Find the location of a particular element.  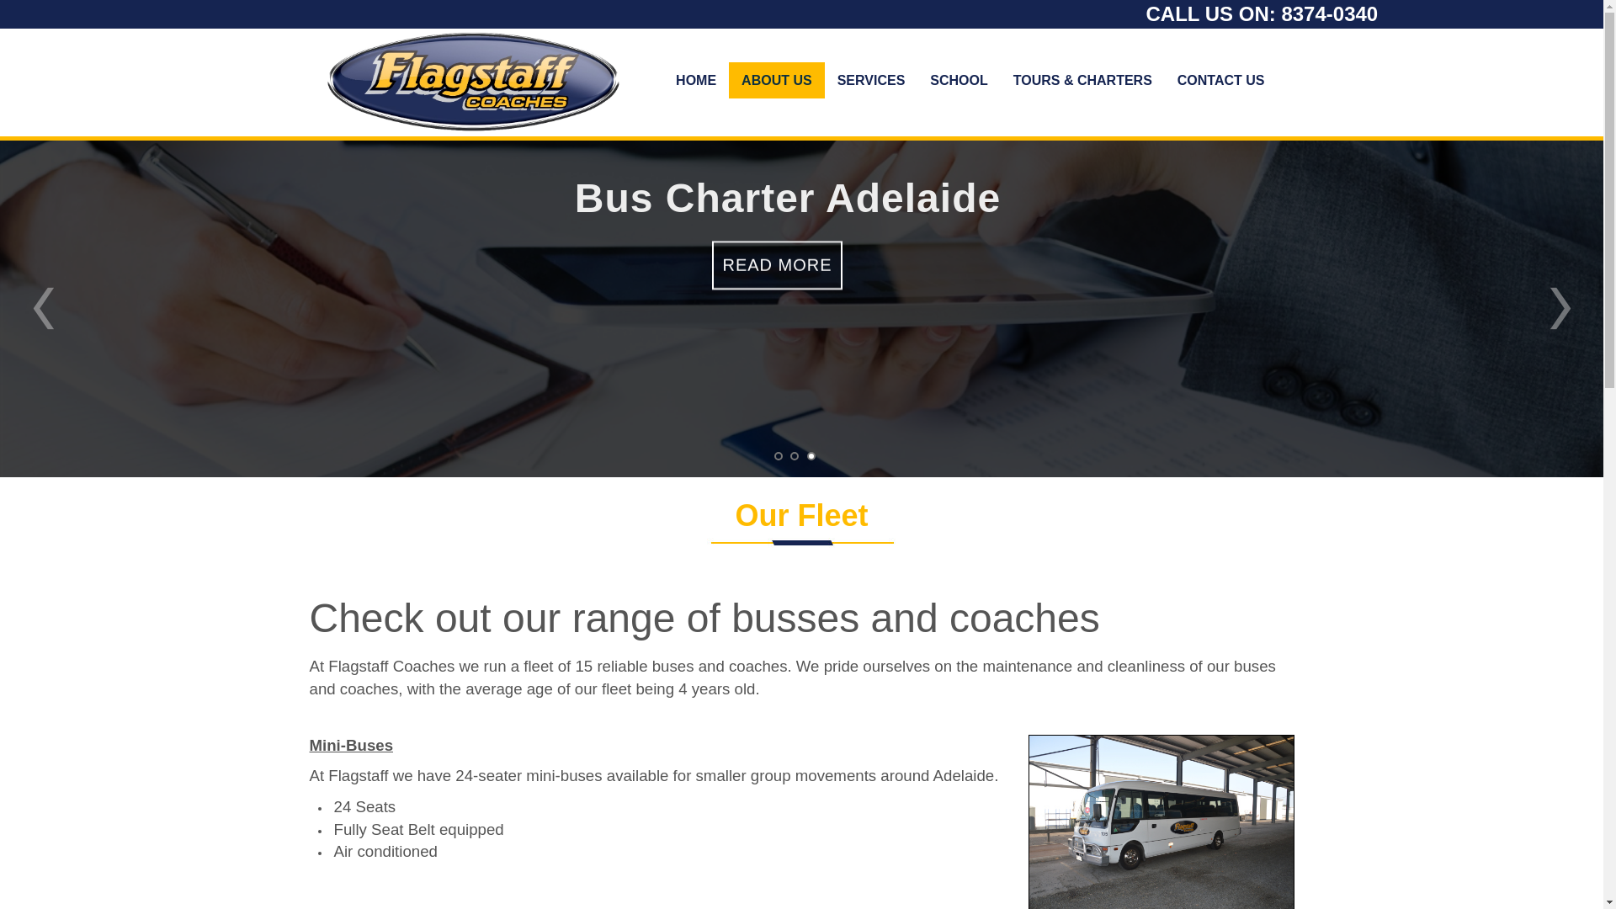

'READ MORE' is located at coordinates (775, 272).